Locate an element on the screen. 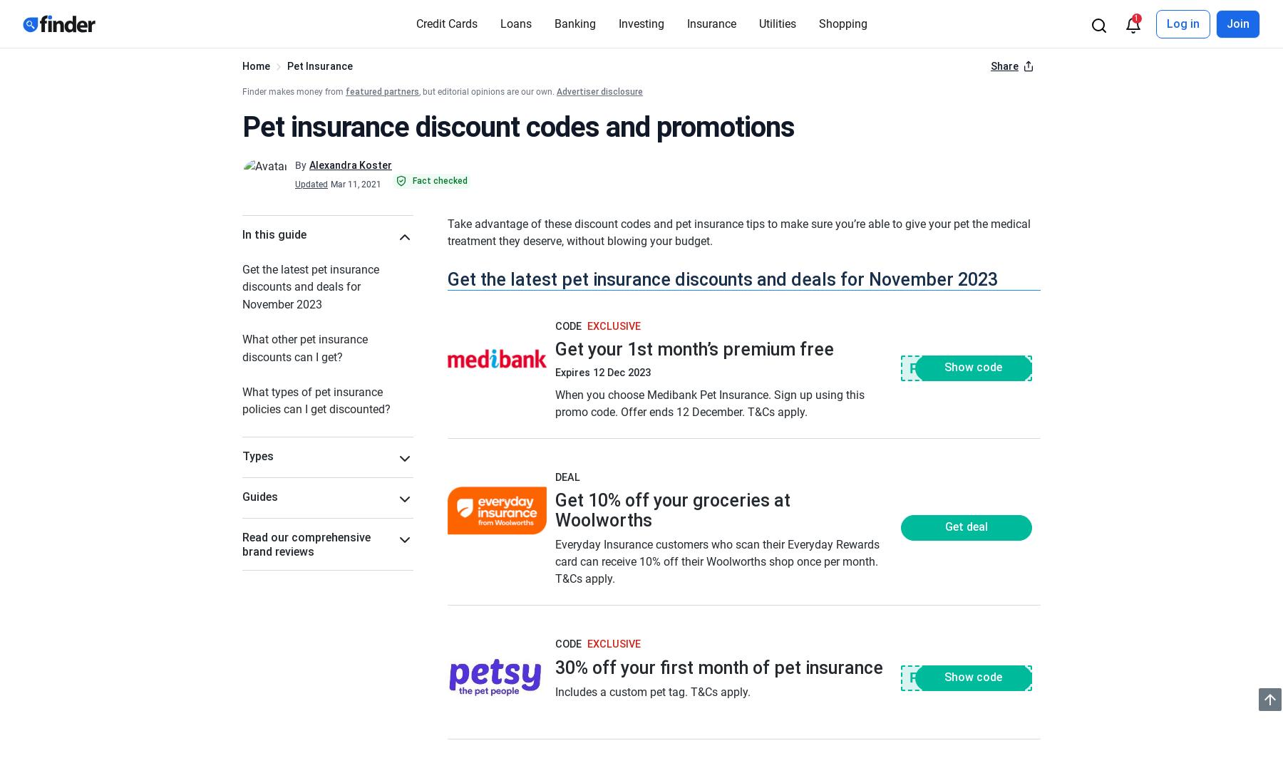  'featured partners' is located at coordinates (381, 91).